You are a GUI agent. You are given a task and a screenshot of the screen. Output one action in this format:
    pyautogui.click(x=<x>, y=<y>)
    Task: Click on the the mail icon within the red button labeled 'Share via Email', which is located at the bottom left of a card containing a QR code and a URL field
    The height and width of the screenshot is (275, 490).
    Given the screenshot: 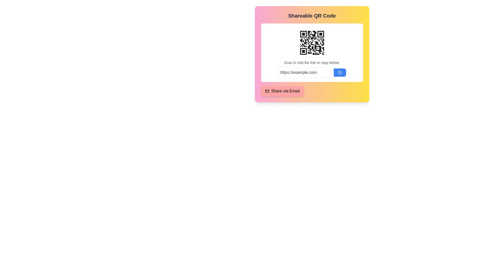 What is the action you would take?
    pyautogui.click(x=267, y=91)
    